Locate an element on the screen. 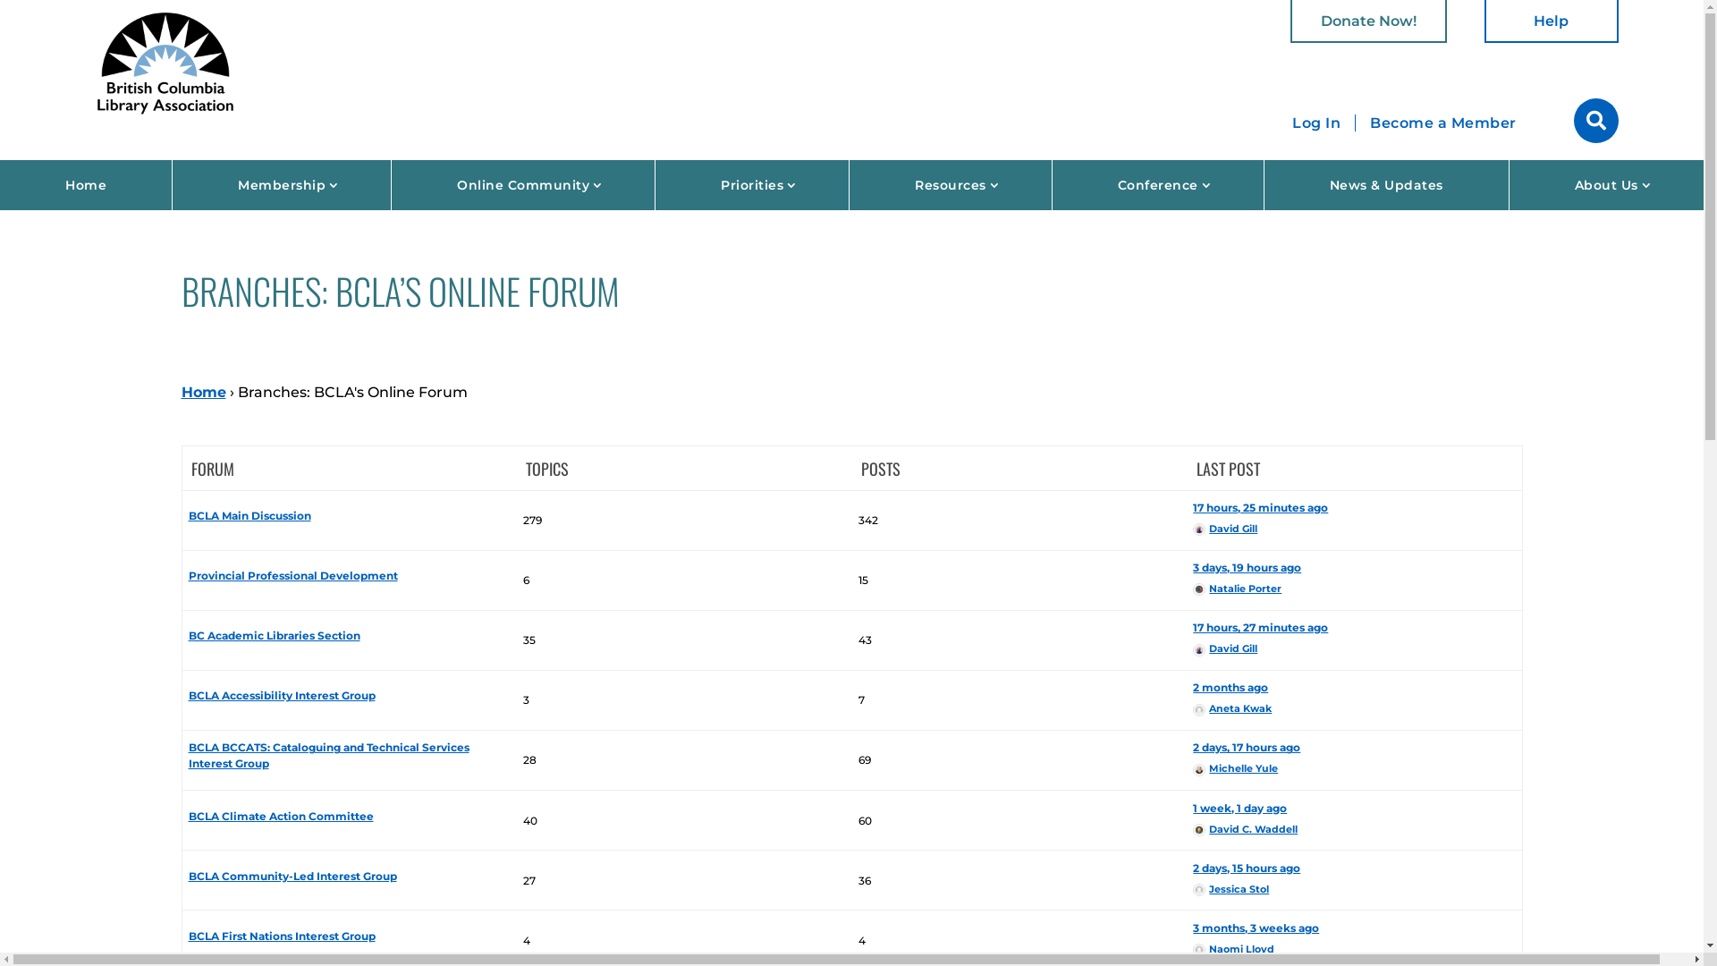  'BCLA Logo' is located at coordinates (165, 61).